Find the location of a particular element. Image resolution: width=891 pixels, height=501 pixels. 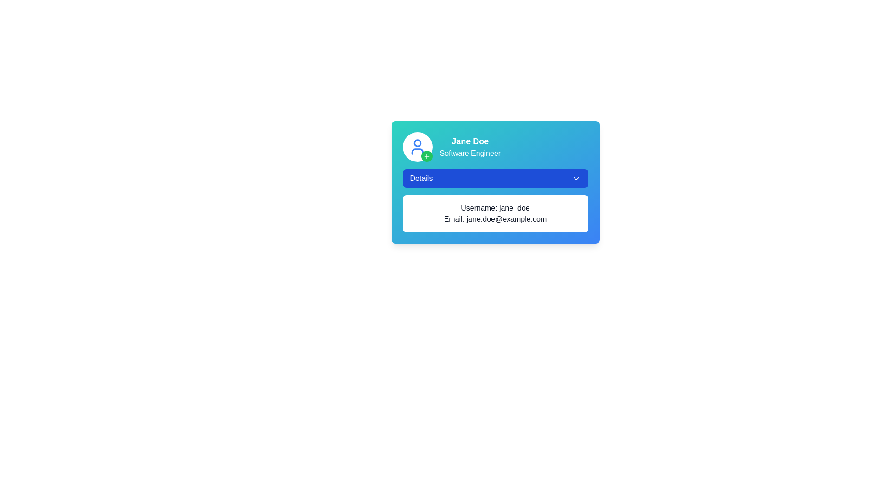

the downward-pointing chevron icon, which is styled with a thin outline in white on a blue background, located to the far right of the 'Details' button adjacent to the text 'Details' is located at coordinates (575, 179).